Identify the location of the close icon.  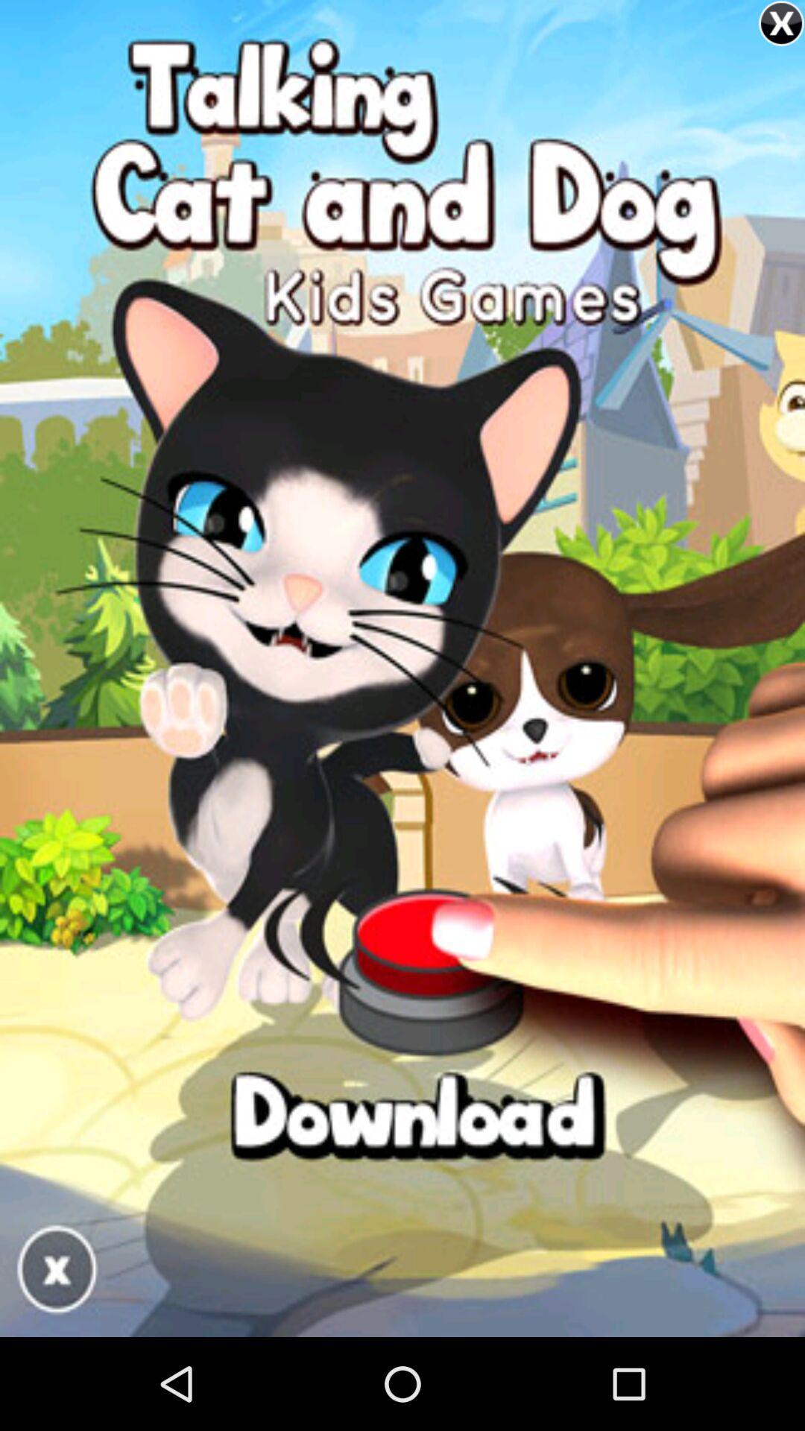
(780, 25).